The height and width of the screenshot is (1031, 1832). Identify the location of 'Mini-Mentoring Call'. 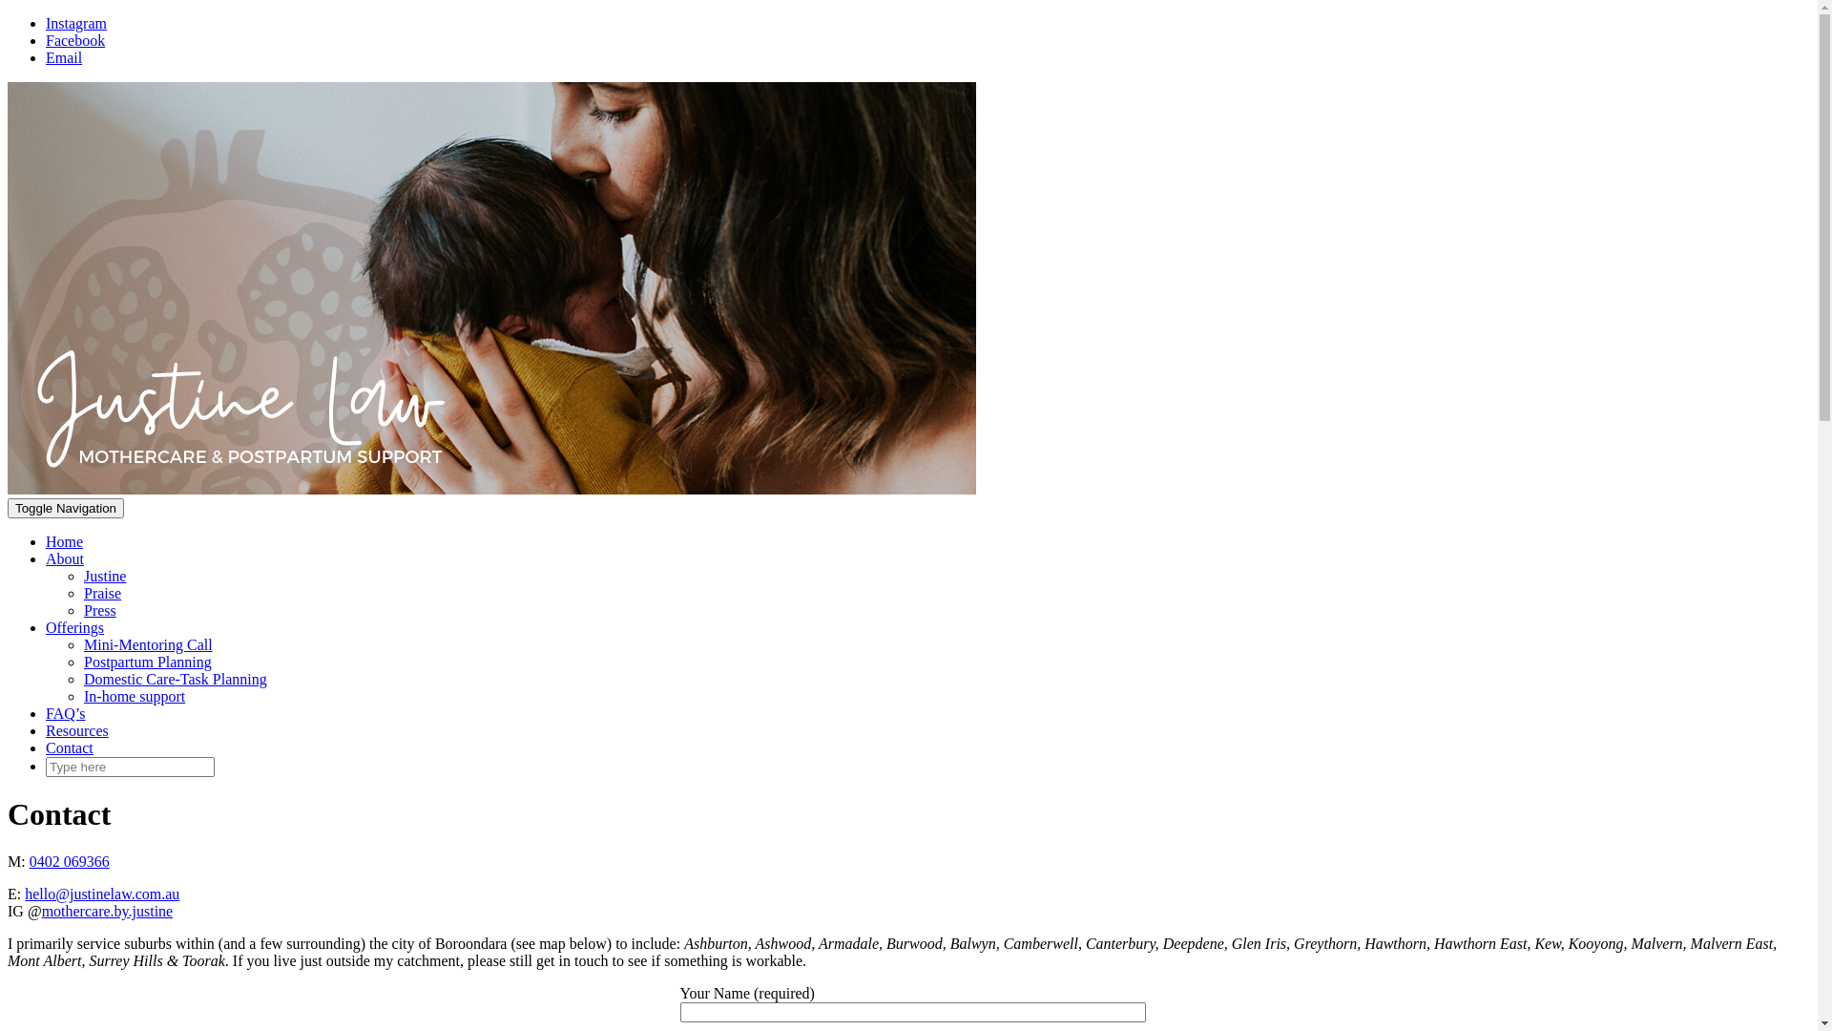
(147, 644).